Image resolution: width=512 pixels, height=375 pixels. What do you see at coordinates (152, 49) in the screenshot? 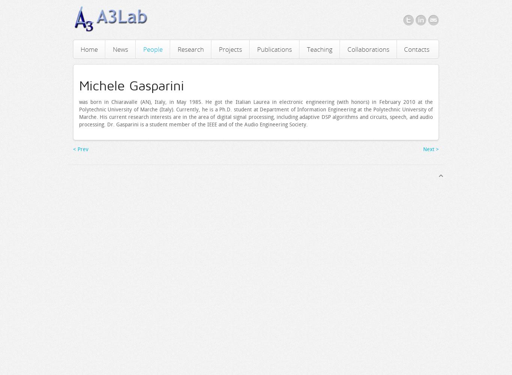
I see `'People'` at bounding box center [152, 49].